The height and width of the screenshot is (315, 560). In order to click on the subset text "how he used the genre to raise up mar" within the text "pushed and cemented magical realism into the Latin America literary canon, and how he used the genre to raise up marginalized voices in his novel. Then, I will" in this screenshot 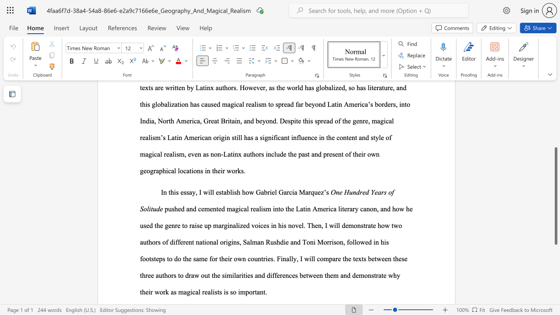, I will do `click(392, 209)`.